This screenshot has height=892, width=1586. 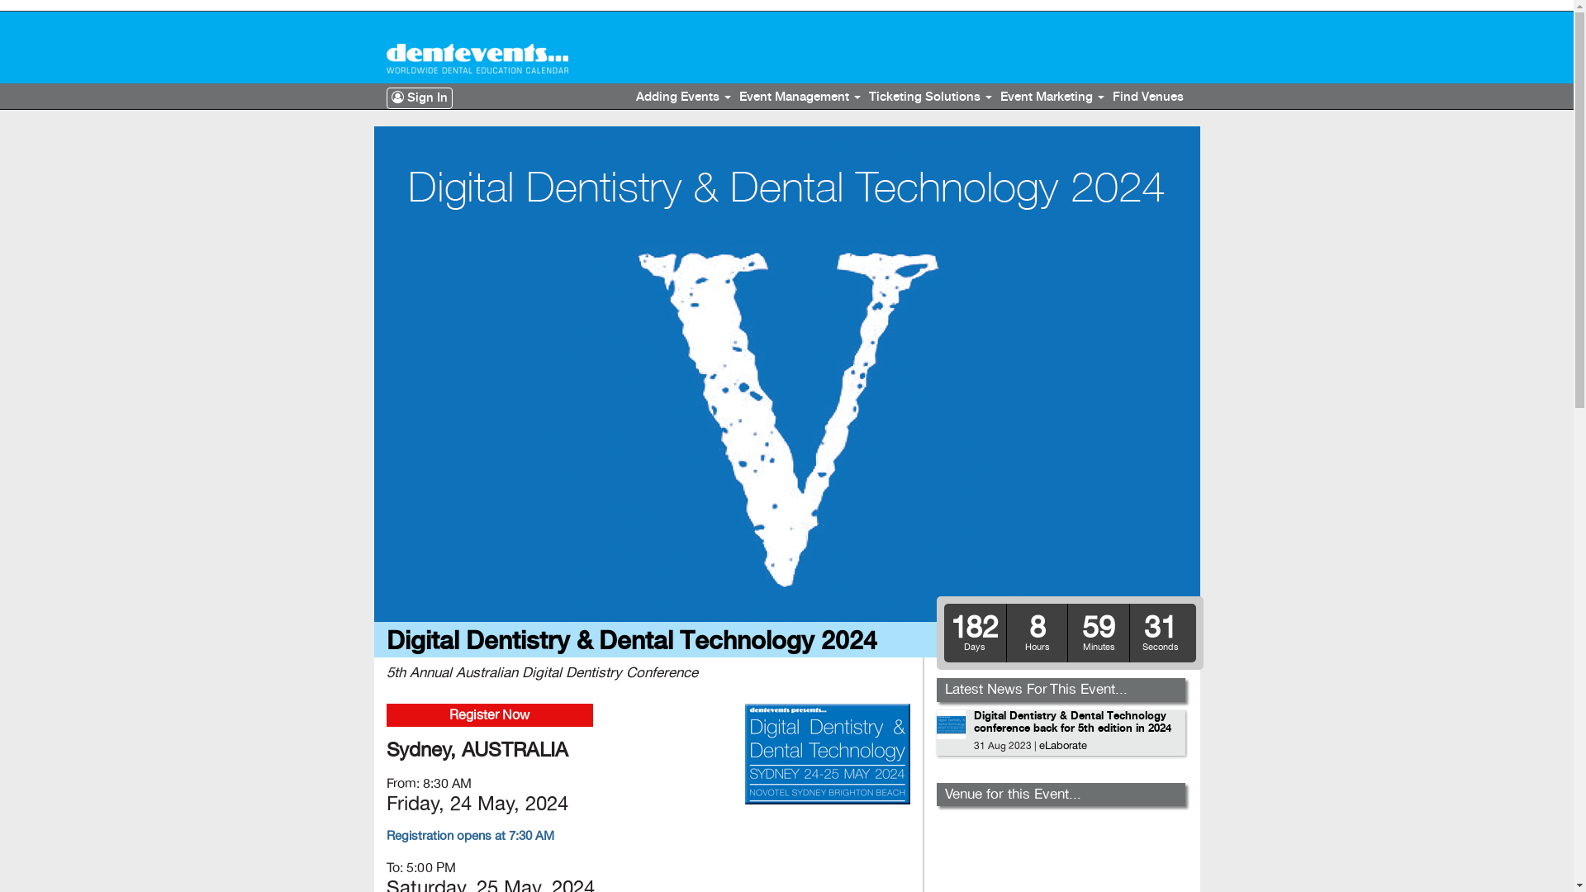 What do you see at coordinates (800, 97) in the screenshot?
I see `'Event Management'` at bounding box center [800, 97].